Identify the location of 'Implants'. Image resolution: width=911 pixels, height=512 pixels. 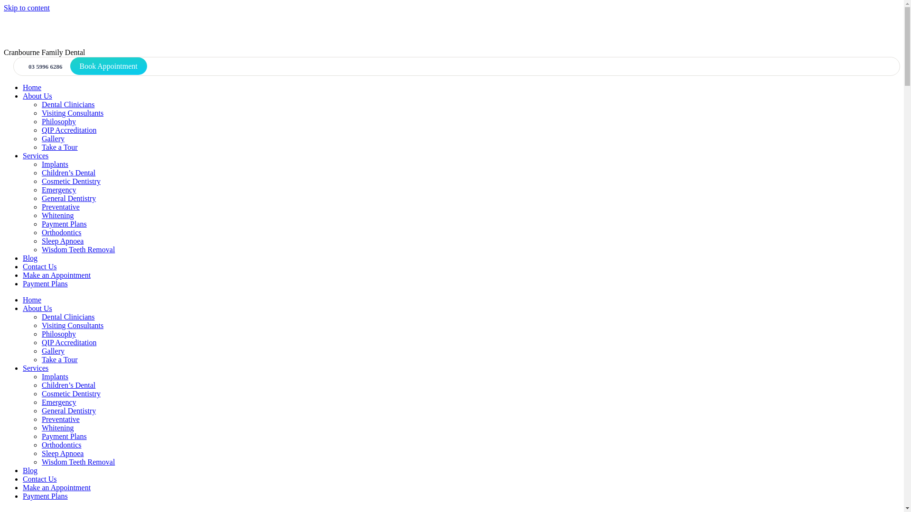
(54, 376).